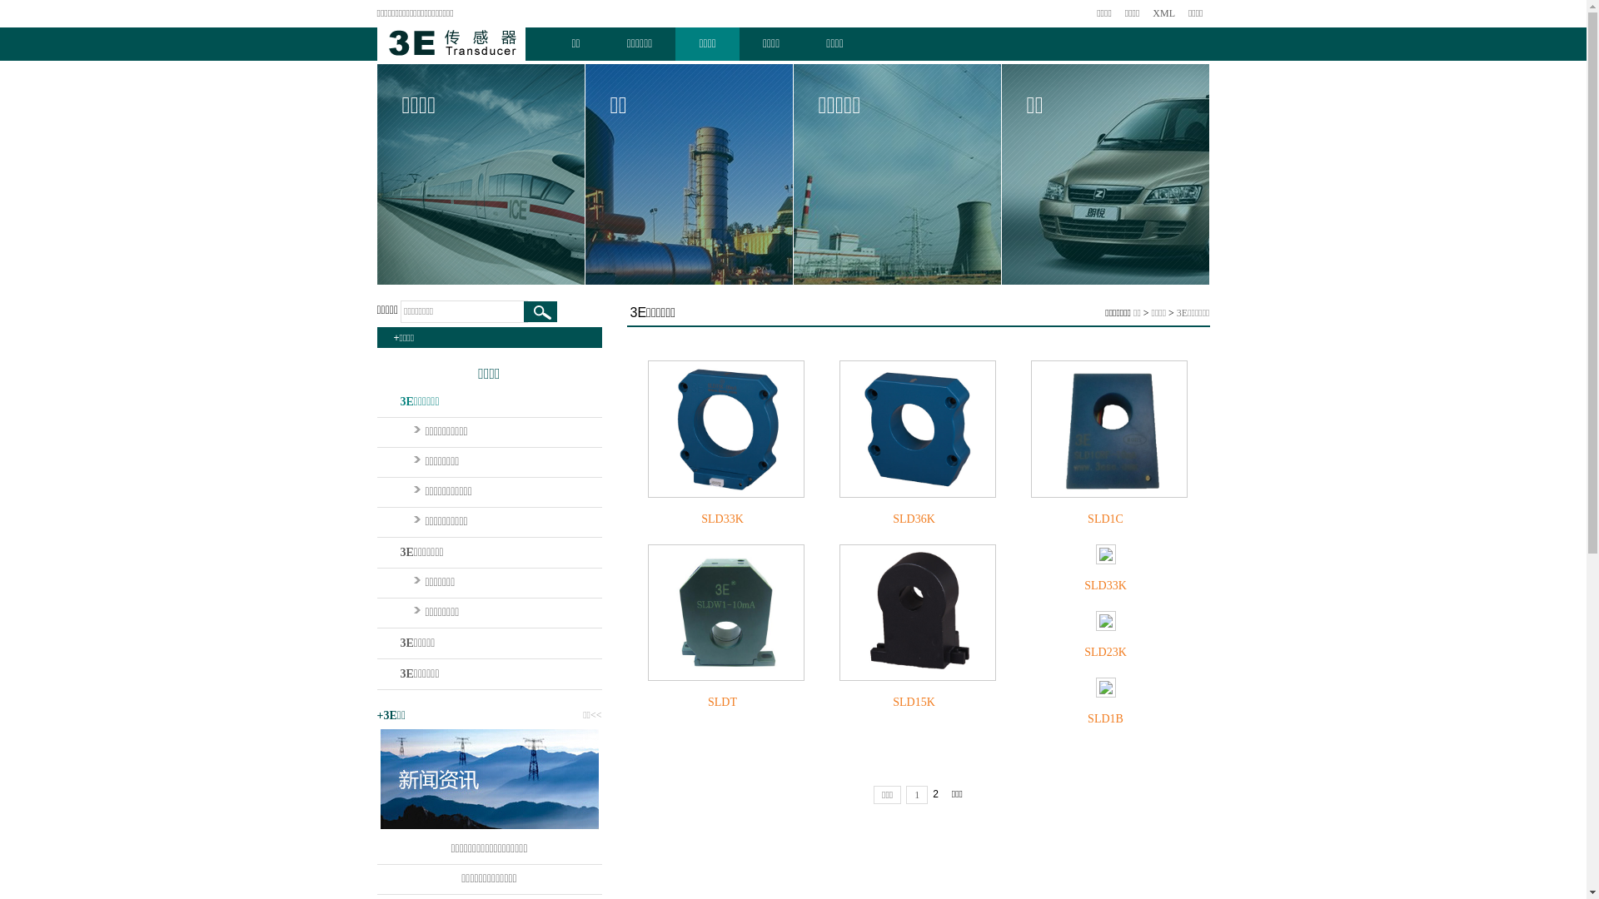 This screenshot has width=1599, height=899. Describe the element at coordinates (915, 794) in the screenshot. I see `'1'` at that location.